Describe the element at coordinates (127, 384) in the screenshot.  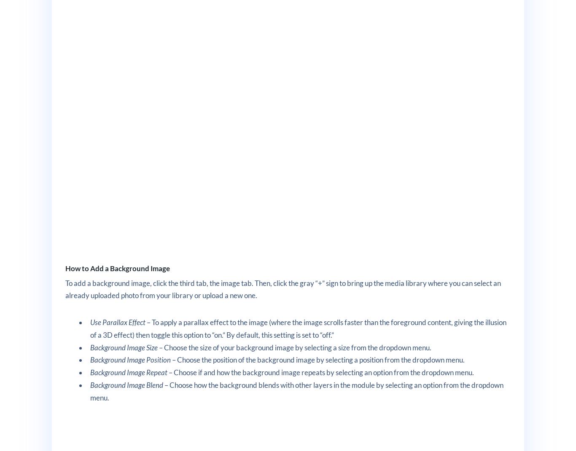
I see `'Background Image Blend'` at that location.